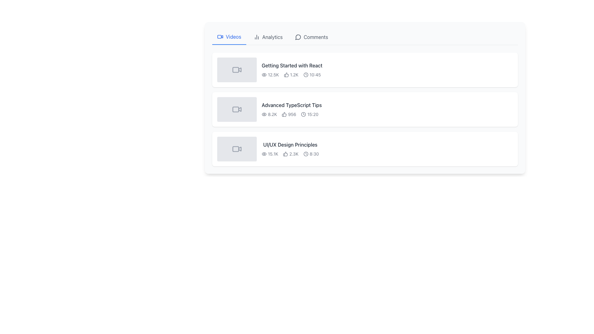  I want to click on the first list item displaying 'Getting Started with React', so click(292, 70).